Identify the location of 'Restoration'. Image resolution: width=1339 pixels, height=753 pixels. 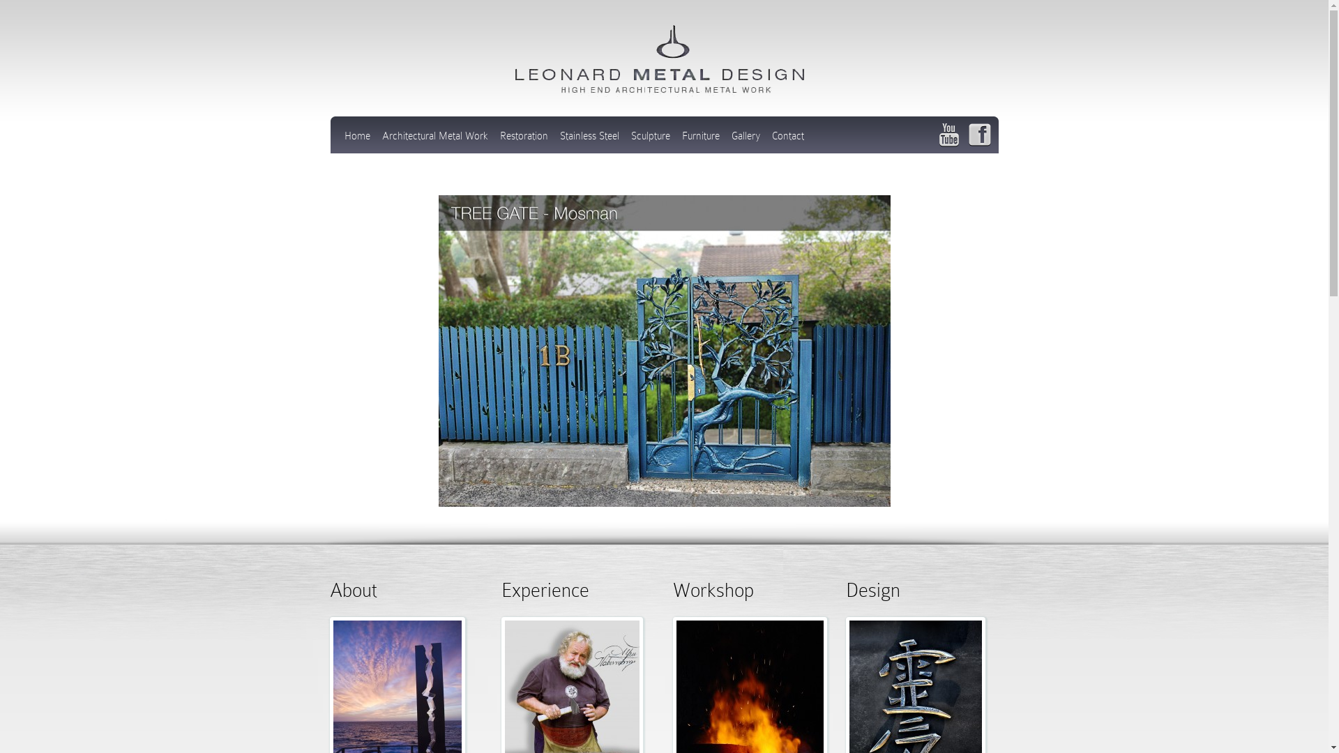
(522, 140).